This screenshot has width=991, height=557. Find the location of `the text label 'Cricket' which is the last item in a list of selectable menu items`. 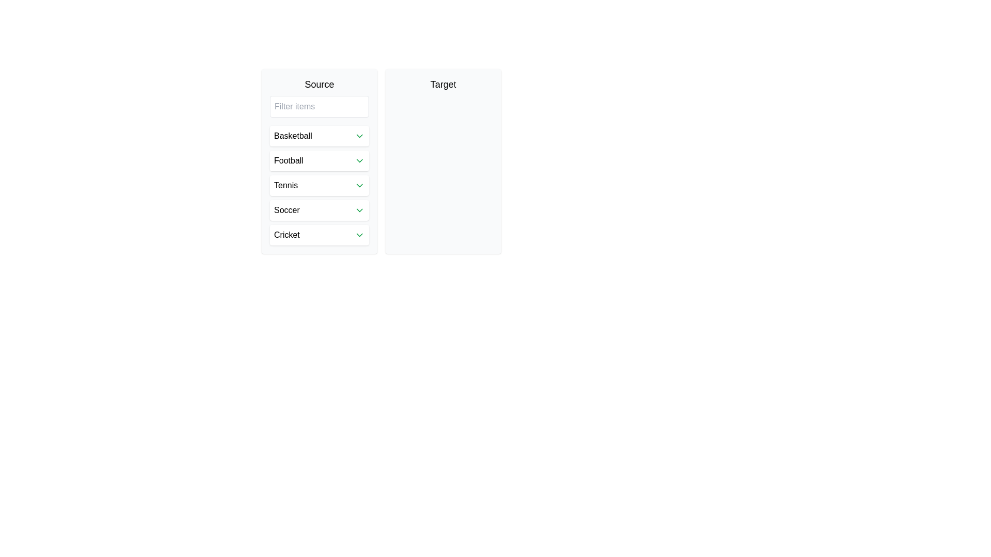

the text label 'Cricket' which is the last item in a list of selectable menu items is located at coordinates (286, 235).